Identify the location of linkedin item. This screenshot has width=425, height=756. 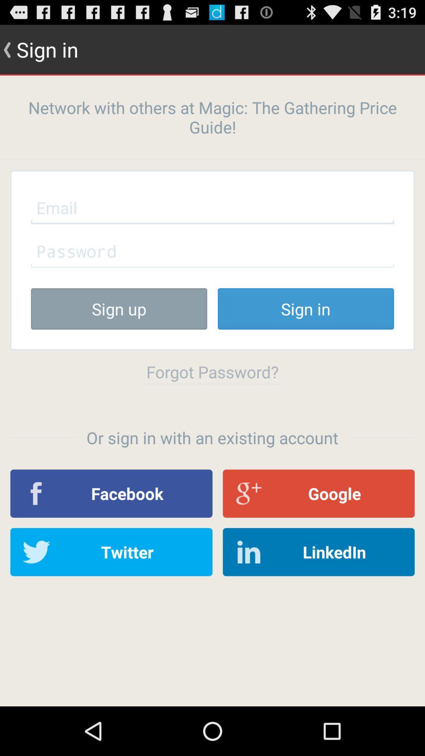
(319, 552).